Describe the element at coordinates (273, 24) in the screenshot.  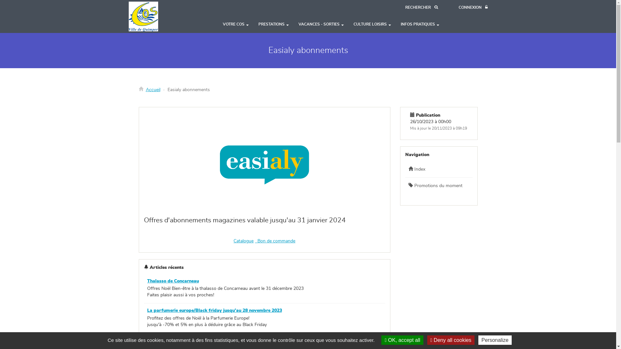
I see `'PRESTATIONS'` at that location.